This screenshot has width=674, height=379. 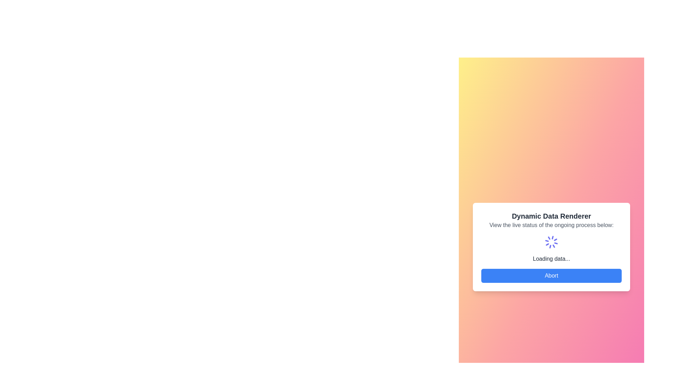 I want to click on the Text element that displays the header 'Dynamic Data Renderer' and the instruction 'View the live status of the ongoing process below:', so click(x=551, y=220).